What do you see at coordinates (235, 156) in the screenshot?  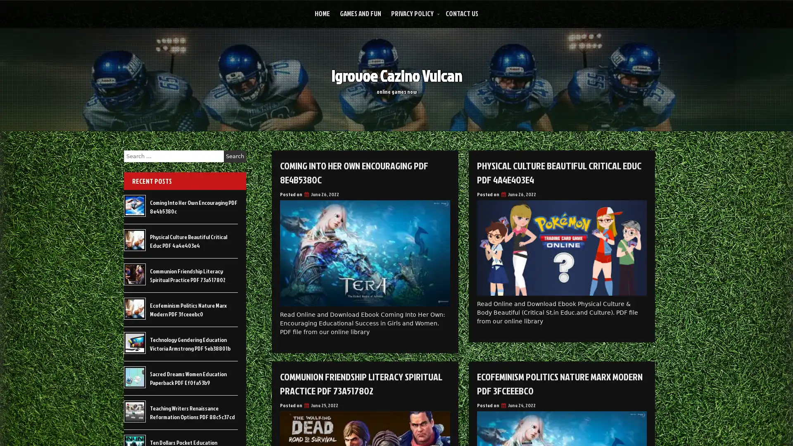 I see `Search` at bounding box center [235, 156].